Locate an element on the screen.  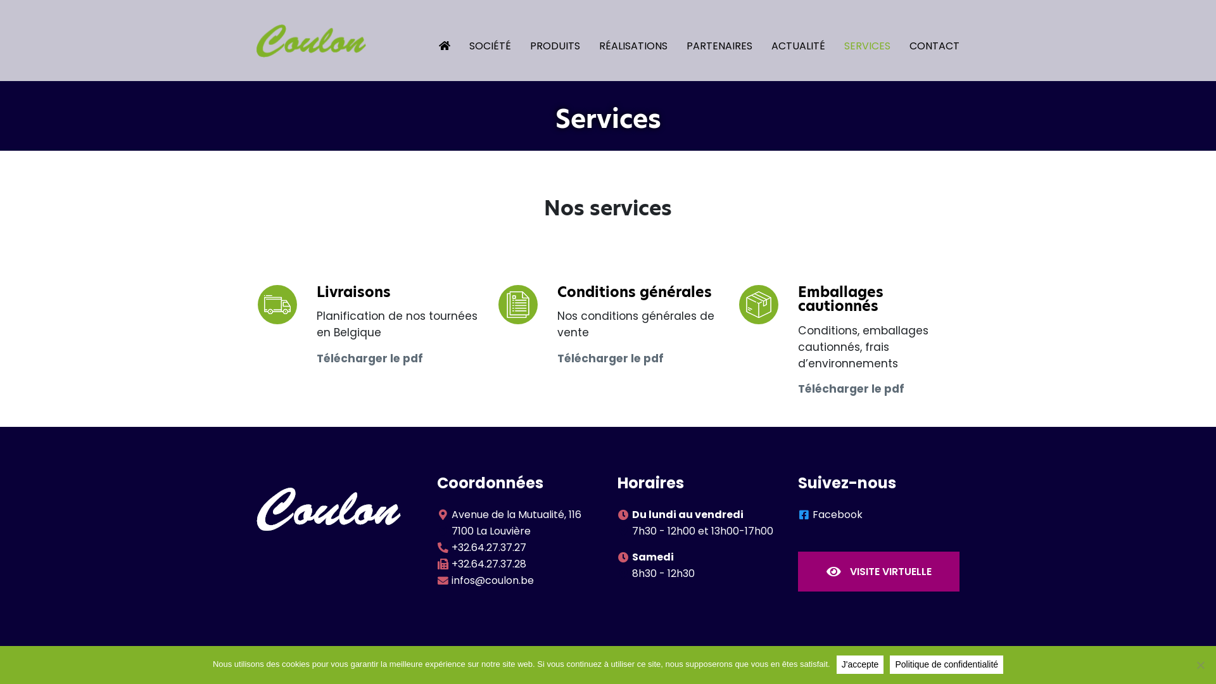
'infos@coulon.be' is located at coordinates (491, 580).